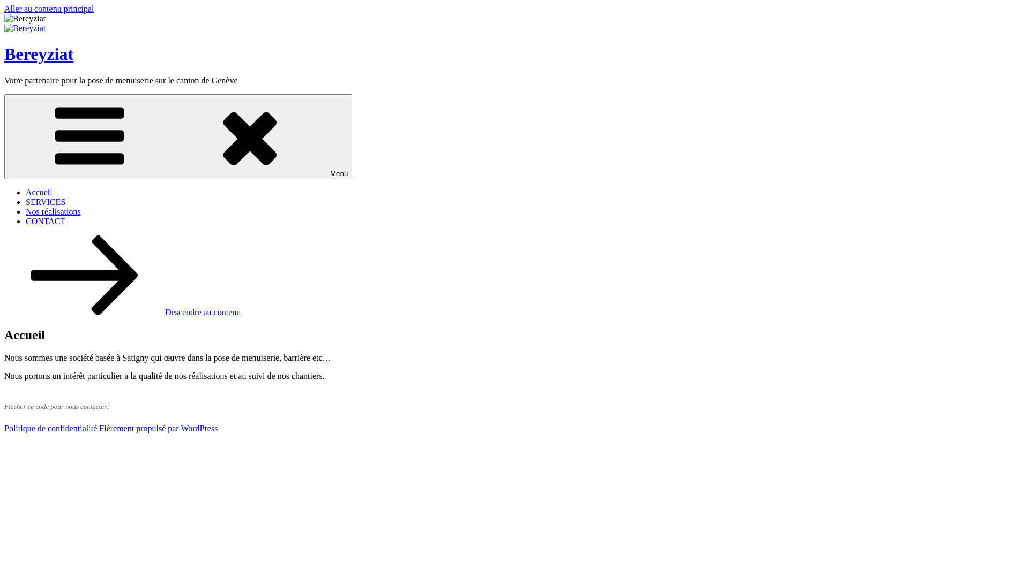 Image resolution: width=1029 pixels, height=578 pixels. What do you see at coordinates (178, 136) in the screenshot?
I see `'Menu'` at bounding box center [178, 136].